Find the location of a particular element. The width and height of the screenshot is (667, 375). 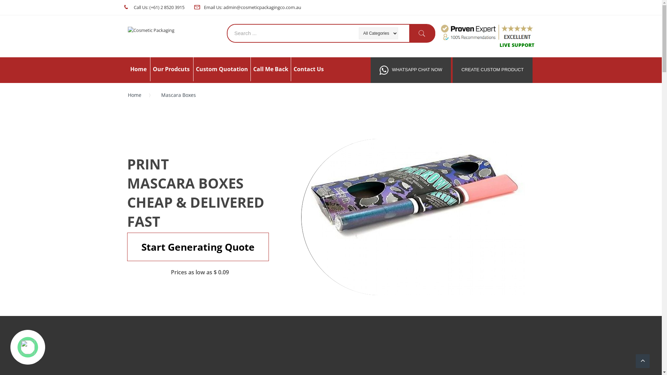

'Cosmetic Packaging ' is located at coordinates (175, 30).